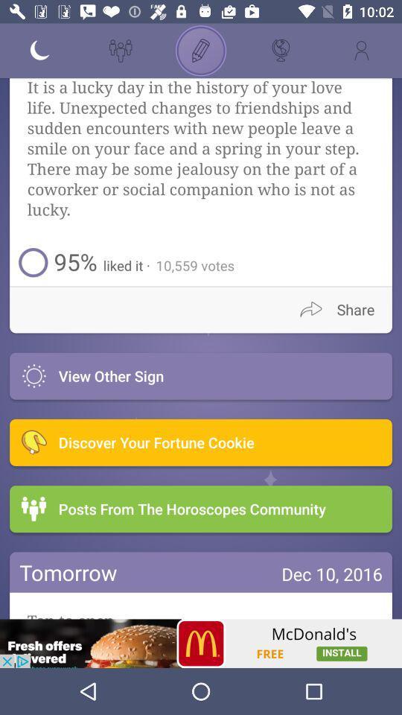 The width and height of the screenshot is (402, 715). What do you see at coordinates (201, 51) in the screenshot?
I see `the edit icon` at bounding box center [201, 51].